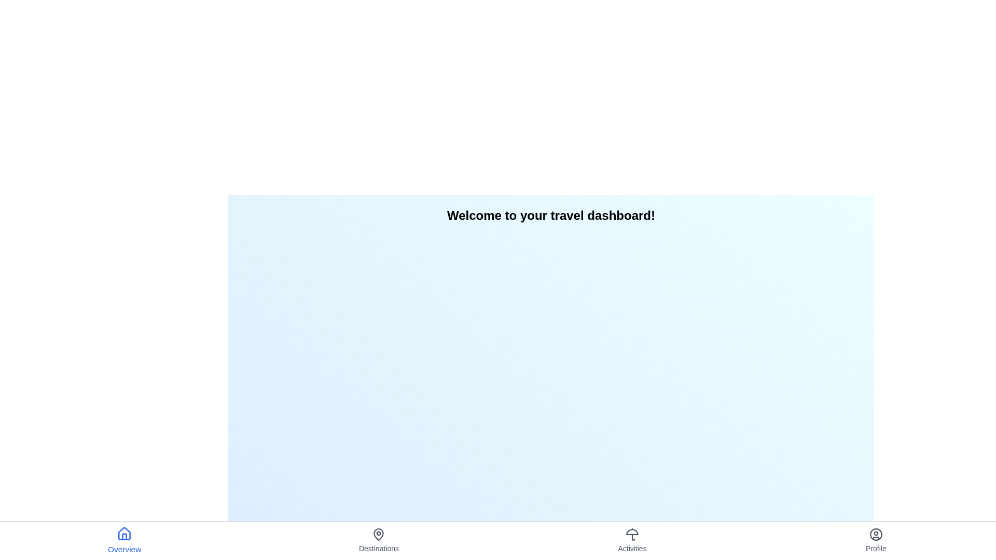 This screenshot has width=996, height=560. I want to click on the text label located in the bottom navigation bar directly under the umbrella icon, so click(632, 548).